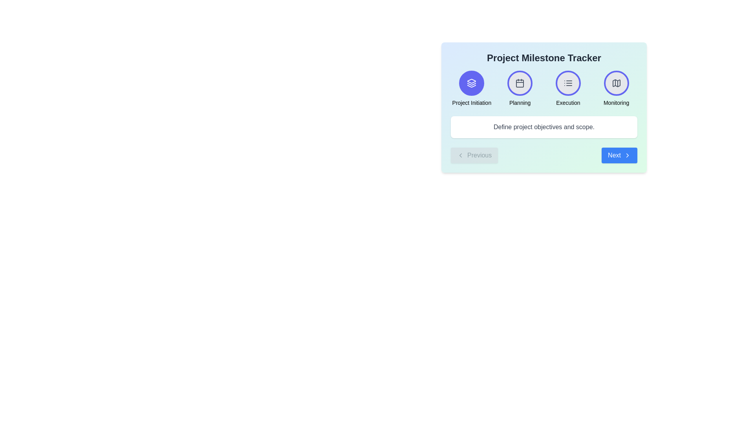  Describe the element at coordinates (619, 155) in the screenshot. I see `the navigational button located on the right side of the interface, adjacent to the 'Previous' button` at that location.